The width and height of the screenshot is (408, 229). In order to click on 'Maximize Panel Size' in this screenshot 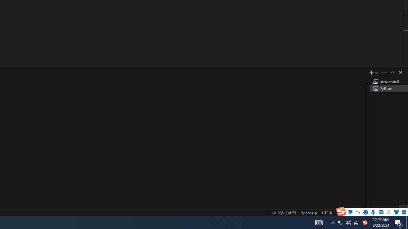, I will do `click(392, 72)`.